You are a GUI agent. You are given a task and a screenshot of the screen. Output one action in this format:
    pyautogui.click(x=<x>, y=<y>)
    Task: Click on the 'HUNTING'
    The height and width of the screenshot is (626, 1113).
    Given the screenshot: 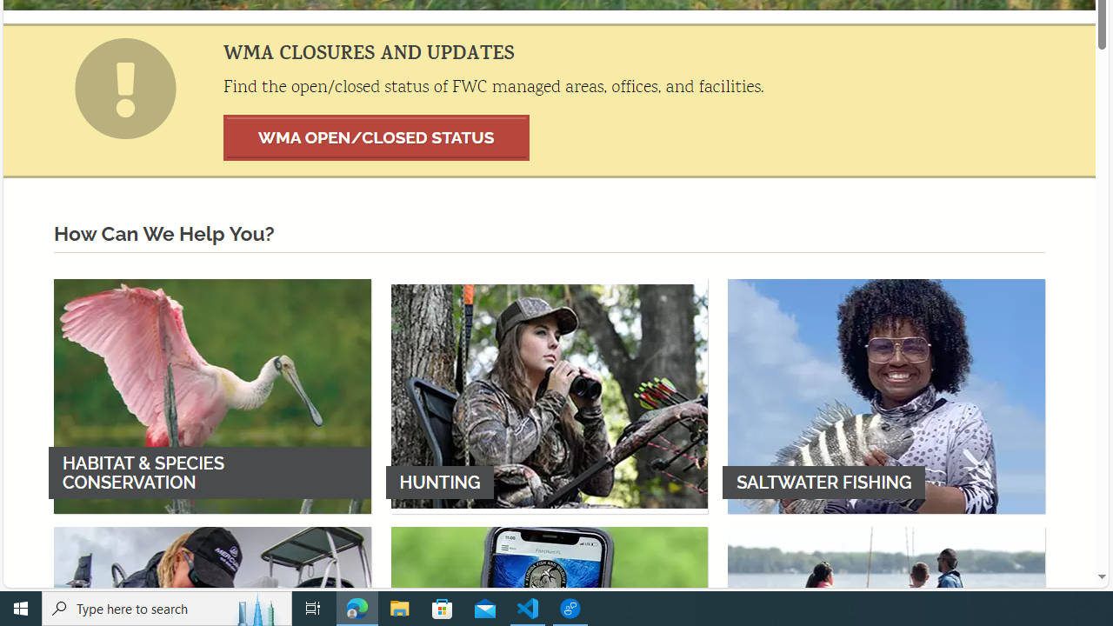 What is the action you would take?
    pyautogui.click(x=549, y=396)
    